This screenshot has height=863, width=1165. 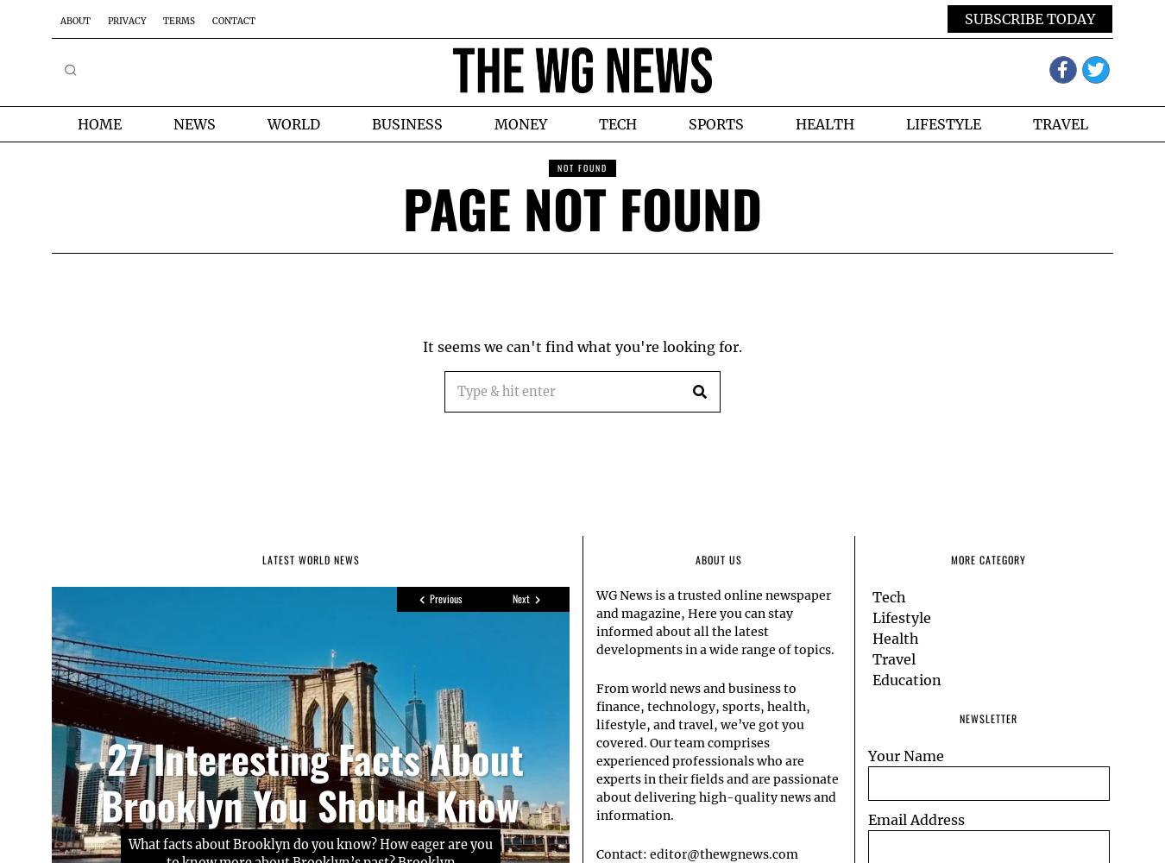 I want to click on 'From world news and business to finance, technology, sports, health, lifestyle, and travel, we’ve got you covered. Our team comprises experienced professionals who are experts in their fields and are passionate about delivering high-quality news and information.', so click(x=595, y=750).